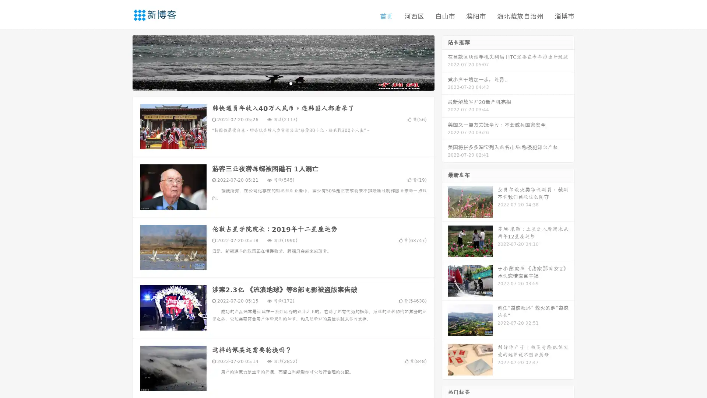 This screenshot has height=398, width=707. I want to click on Go to slide 3, so click(291, 83).